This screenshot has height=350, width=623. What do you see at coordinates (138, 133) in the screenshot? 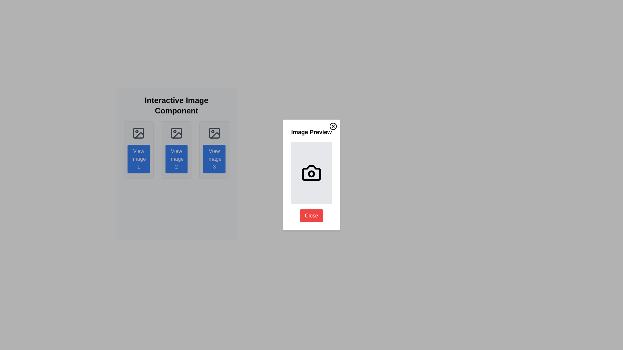
I see `the graphical icon representing an image, styled in a neutral gray tone, located within the 'Interactive Image Component' section, which is the first icon in a row of three similar icons` at bounding box center [138, 133].